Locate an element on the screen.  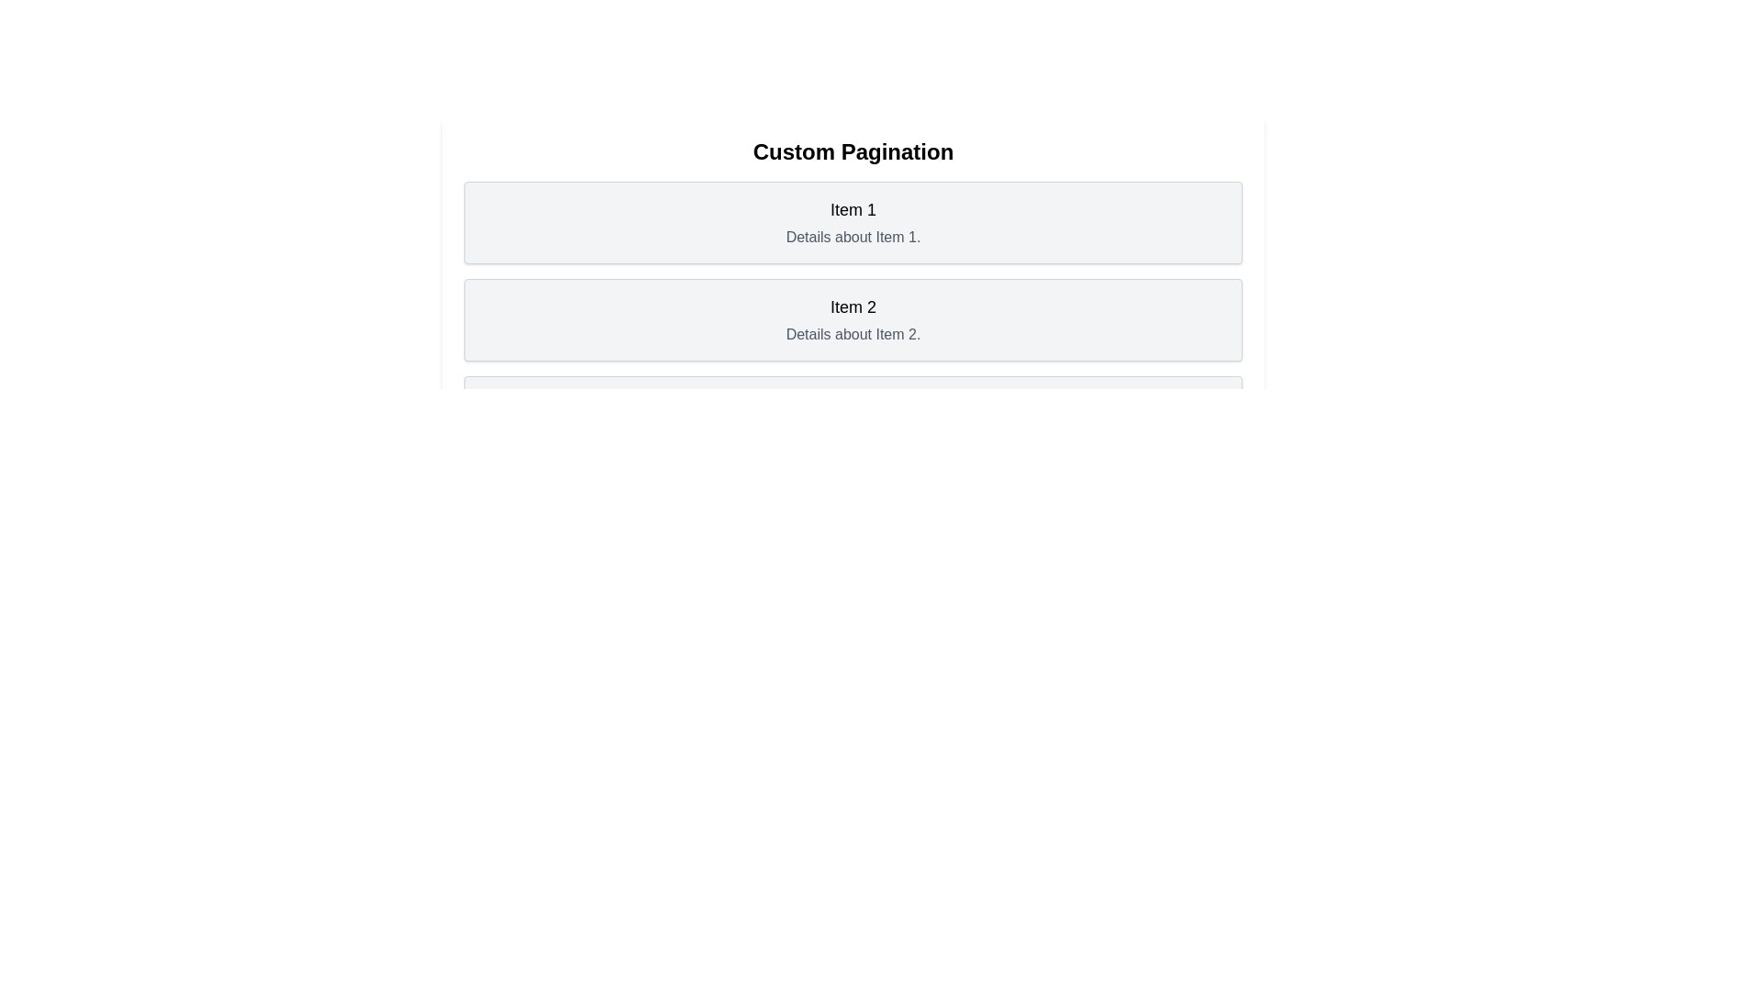
the static text that provides additional details about 'Item 2', which is located below the title 'Item 2' in a vertically stacked list is located at coordinates (853, 335).